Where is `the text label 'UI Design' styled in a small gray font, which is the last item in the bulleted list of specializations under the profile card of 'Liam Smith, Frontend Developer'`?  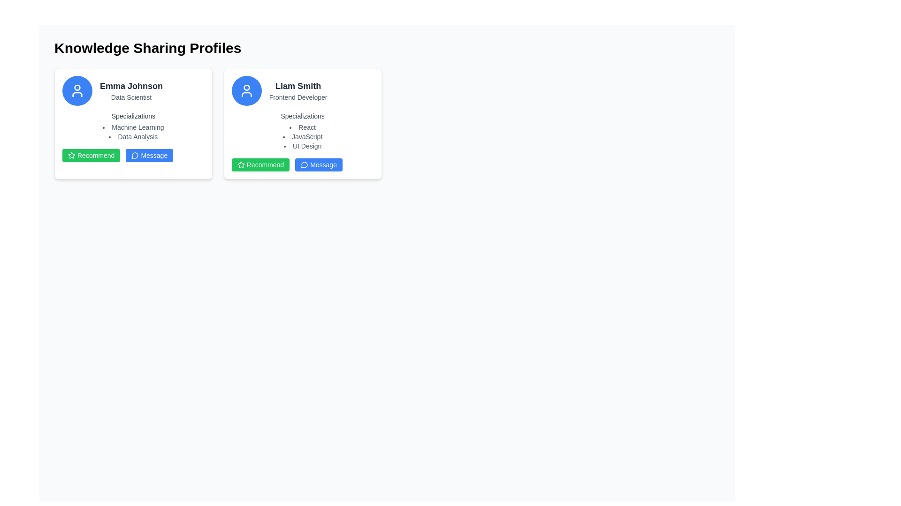 the text label 'UI Design' styled in a small gray font, which is the last item in the bulleted list of specializations under the profile card of 'Liam Smith, Frontend Developer' is located at coordinates (303, 146).